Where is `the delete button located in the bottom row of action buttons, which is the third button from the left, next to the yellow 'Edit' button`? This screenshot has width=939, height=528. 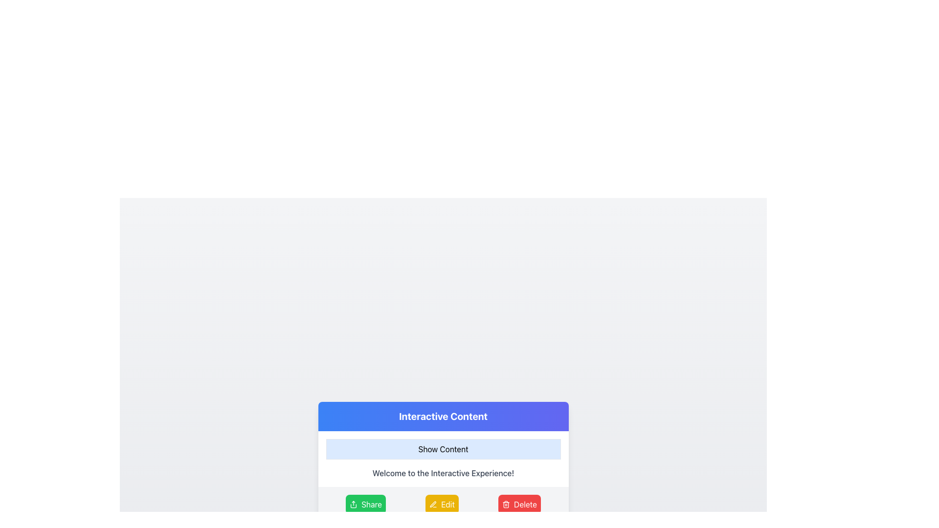 the delete button located in the bottom row of action buttons, which is the third button from the left, next to the yellow 'Edit' button is located at coordinates (525, 505).